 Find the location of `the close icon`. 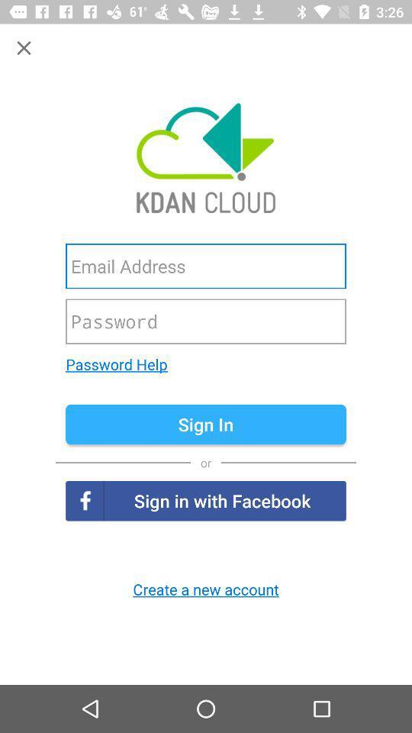

the close icon is located at coordinates (23, 47).